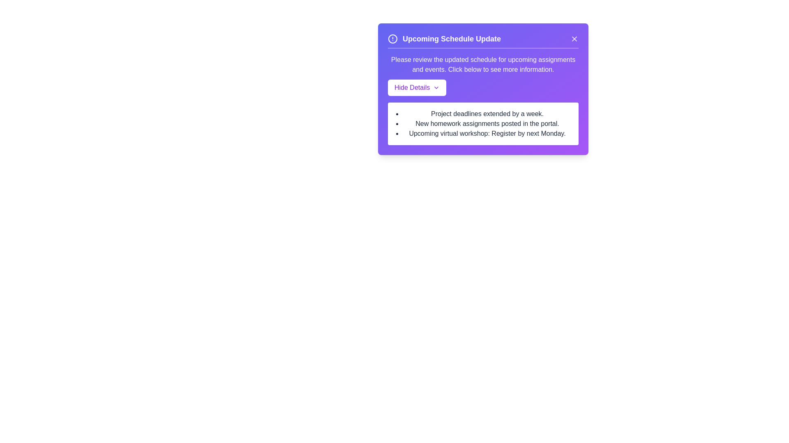  What do you see at coordinates (574, 39) in the screenshot?
I see `the close button in the top-right corner of the alert` at bounding box center [574, 39].